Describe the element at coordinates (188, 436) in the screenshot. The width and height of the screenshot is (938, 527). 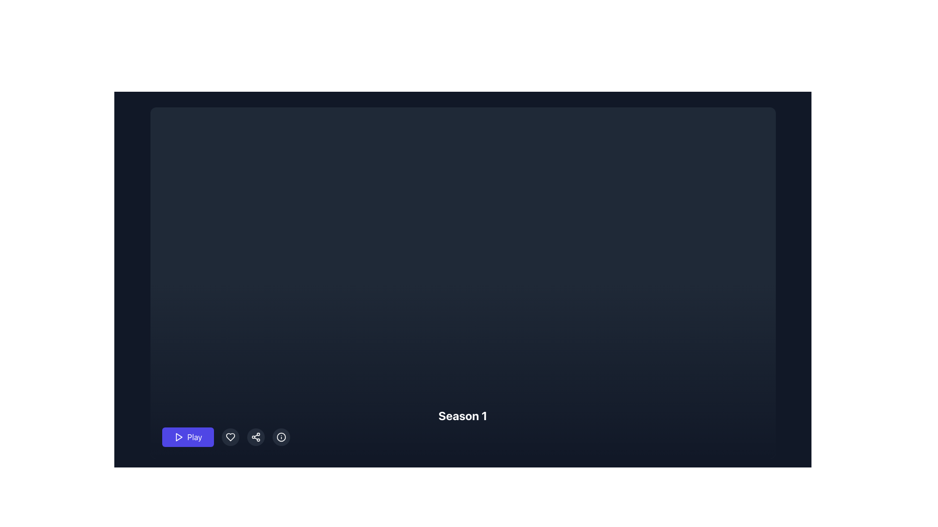
I see `the playback button located at the bottom-left corner of the interface` at that location.